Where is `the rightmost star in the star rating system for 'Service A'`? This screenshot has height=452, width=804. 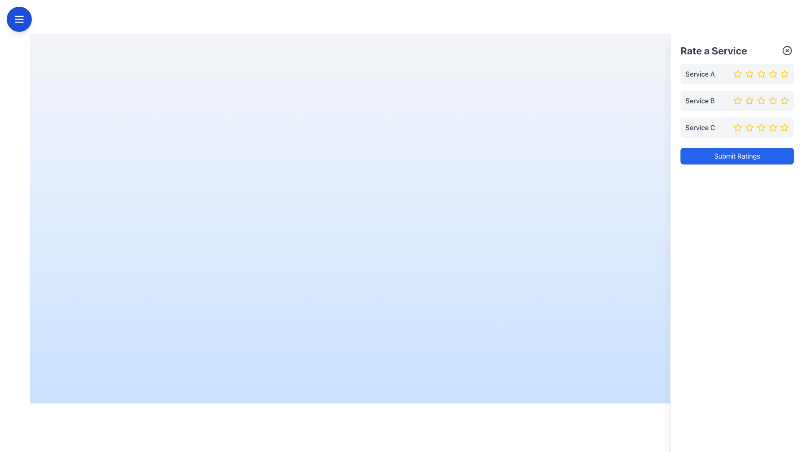 the rightmost star in the star rating system for 'Service A' is located at coordinates (784, 73).